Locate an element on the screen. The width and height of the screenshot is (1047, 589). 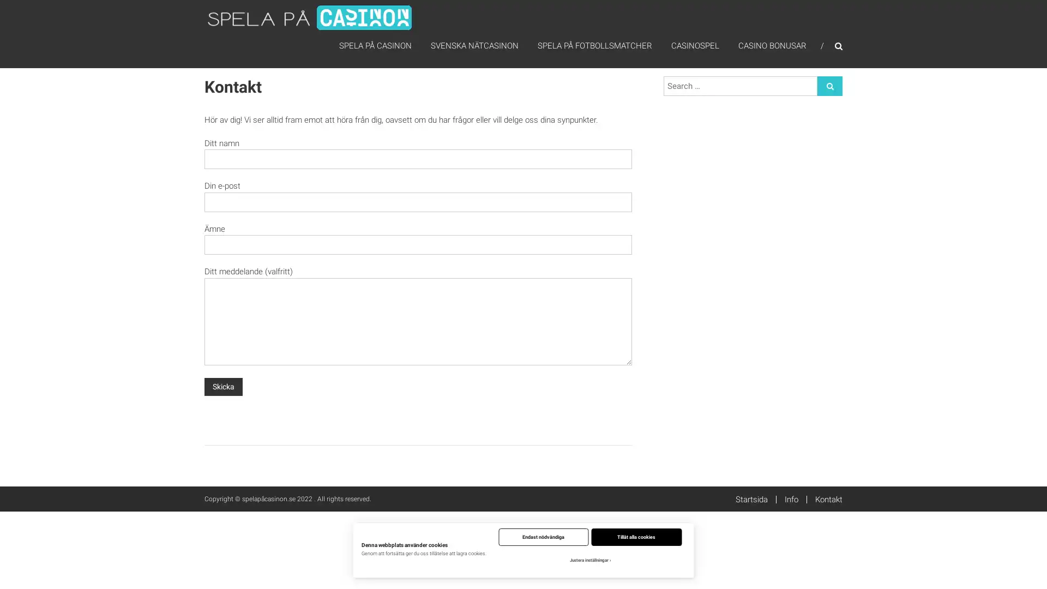
Skicka is located at coordinates (222, 386).